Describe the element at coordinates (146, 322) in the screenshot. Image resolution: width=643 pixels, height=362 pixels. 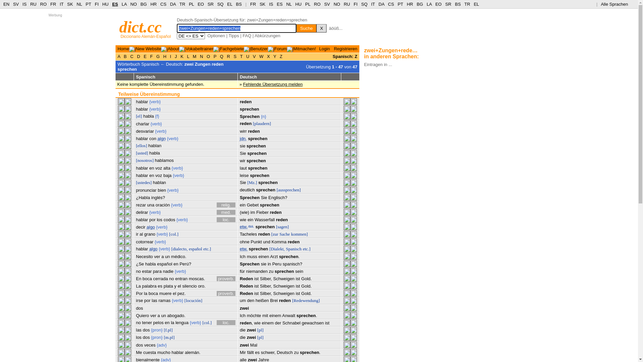
I see `'tener'` at that location.